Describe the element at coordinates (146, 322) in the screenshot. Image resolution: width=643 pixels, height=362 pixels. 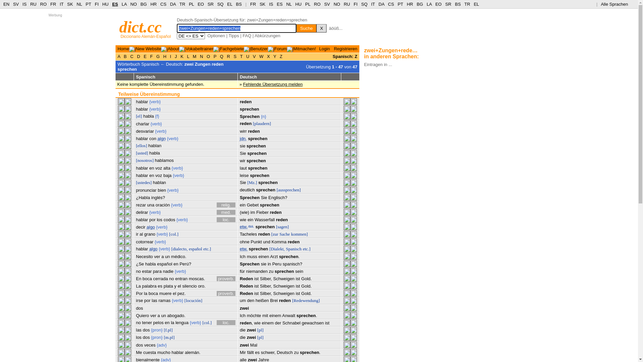
I see `'tener'` at that location.